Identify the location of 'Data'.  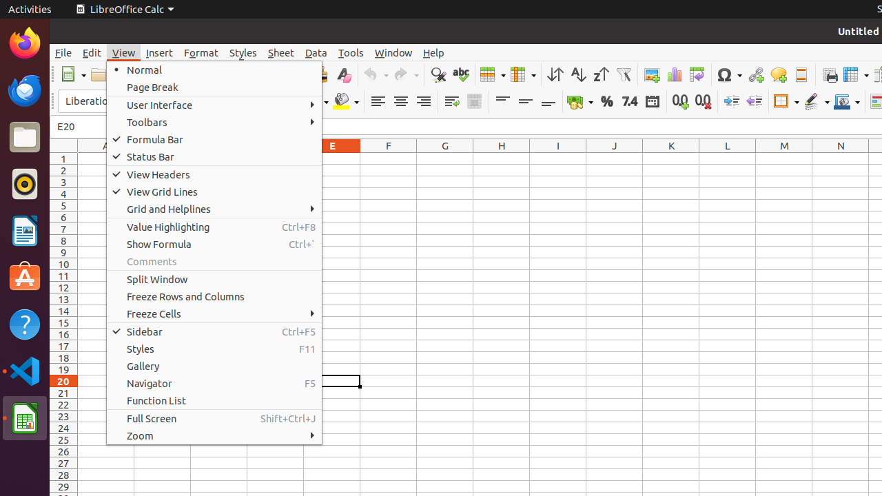
(316, 52).